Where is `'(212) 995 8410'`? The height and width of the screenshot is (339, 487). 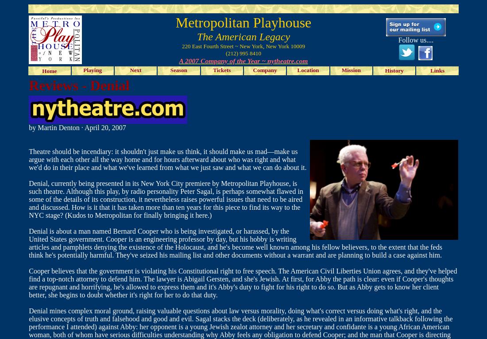
'(212) 995 8410' is located at coordinates (243, 53).